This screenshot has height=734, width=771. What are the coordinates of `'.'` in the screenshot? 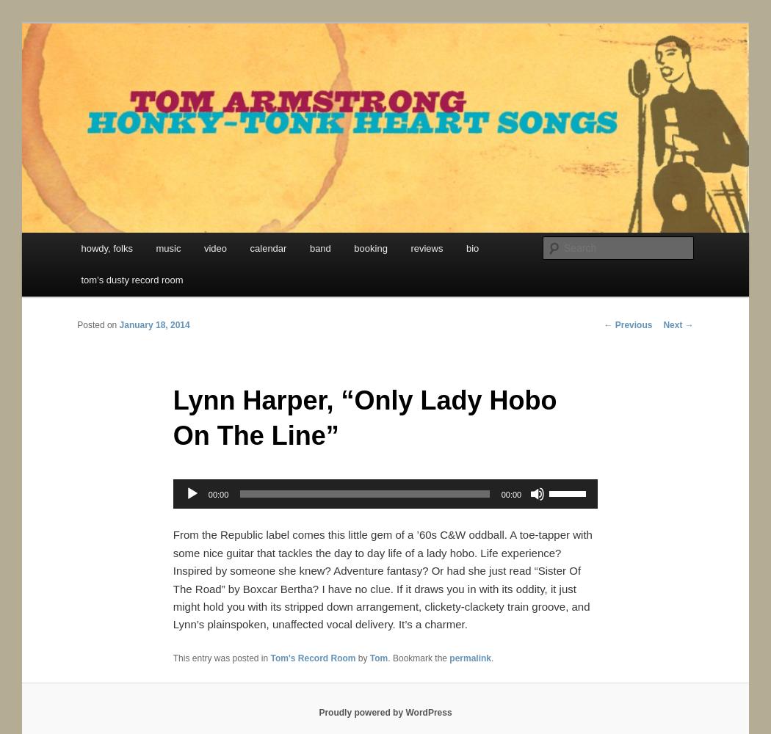 It's located at (491, 658).